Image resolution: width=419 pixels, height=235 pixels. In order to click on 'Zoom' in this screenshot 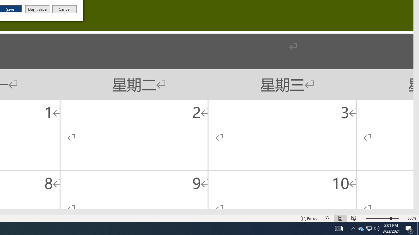, I will do `click(382, 218)`.